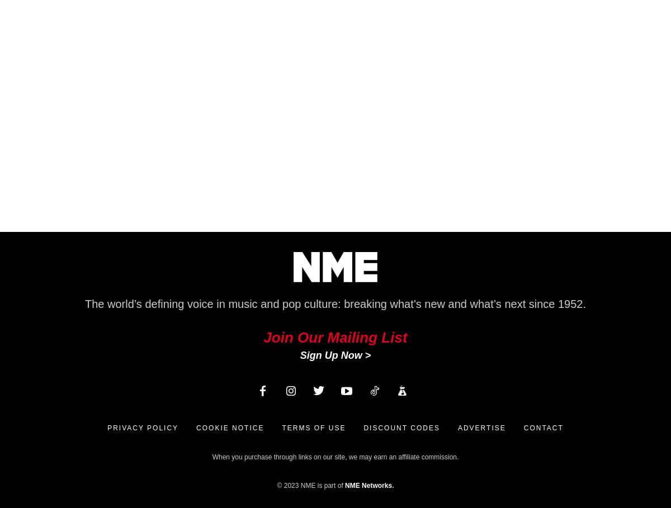 The height and width of the screenshot is (508, 671). What do you see at coordinates (368, 485) in the screenshot?
I see `'NME Networks'` at bounding box center [368, 485].